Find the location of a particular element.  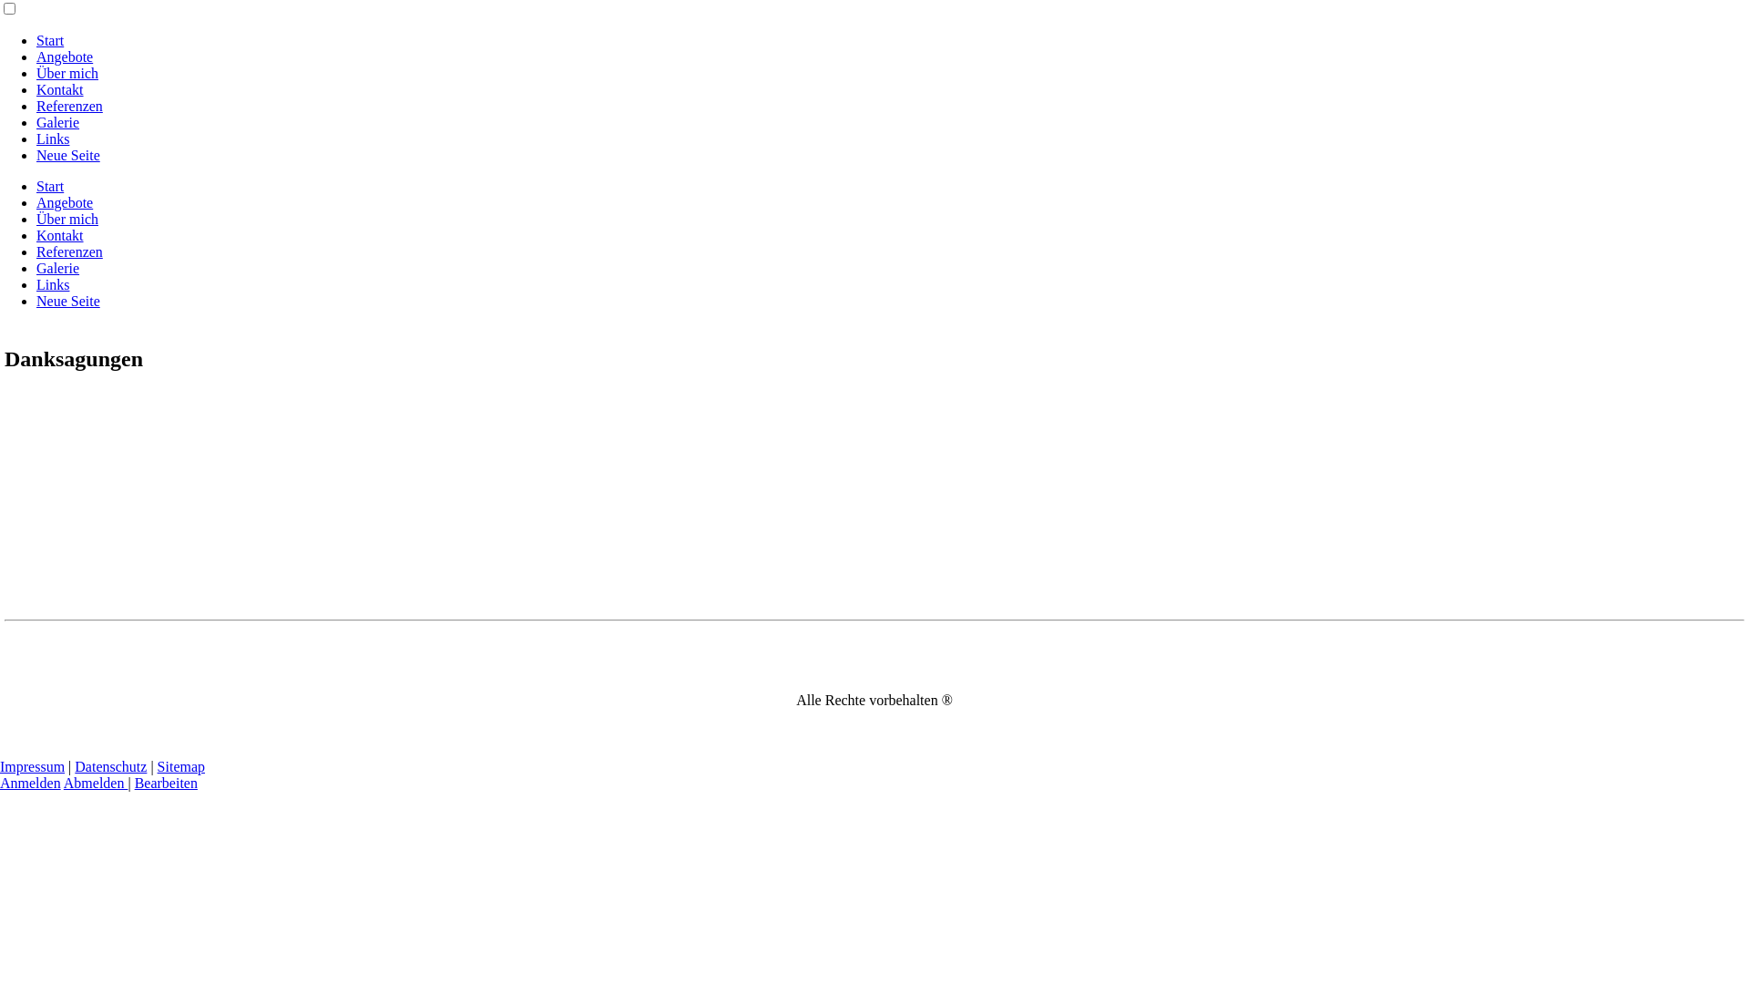

'Links' is located at coordinates (52, 284).